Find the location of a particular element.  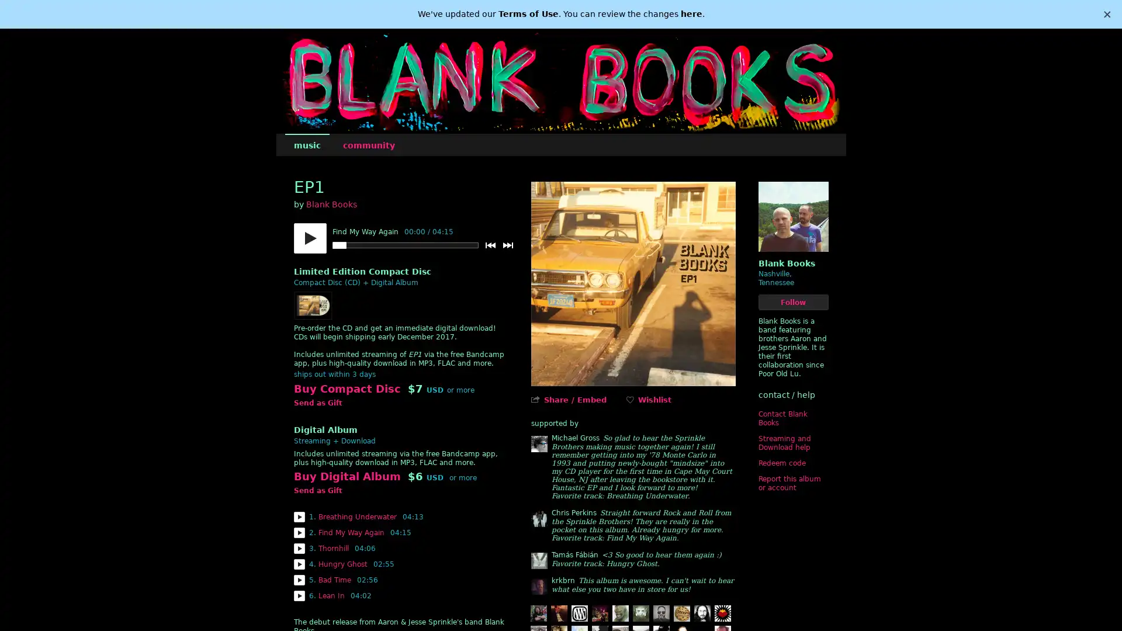

Send as Gift is located at coordinates (317, 403).